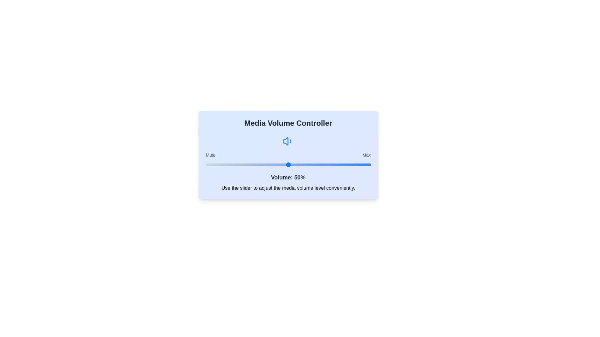 The height and width of the screenshot is (337, 600). What do you see at coordinates (289, 164) in the screenshot?
I see `the volume to 51% by adjusting the slider` at bounding box center [289, 164].